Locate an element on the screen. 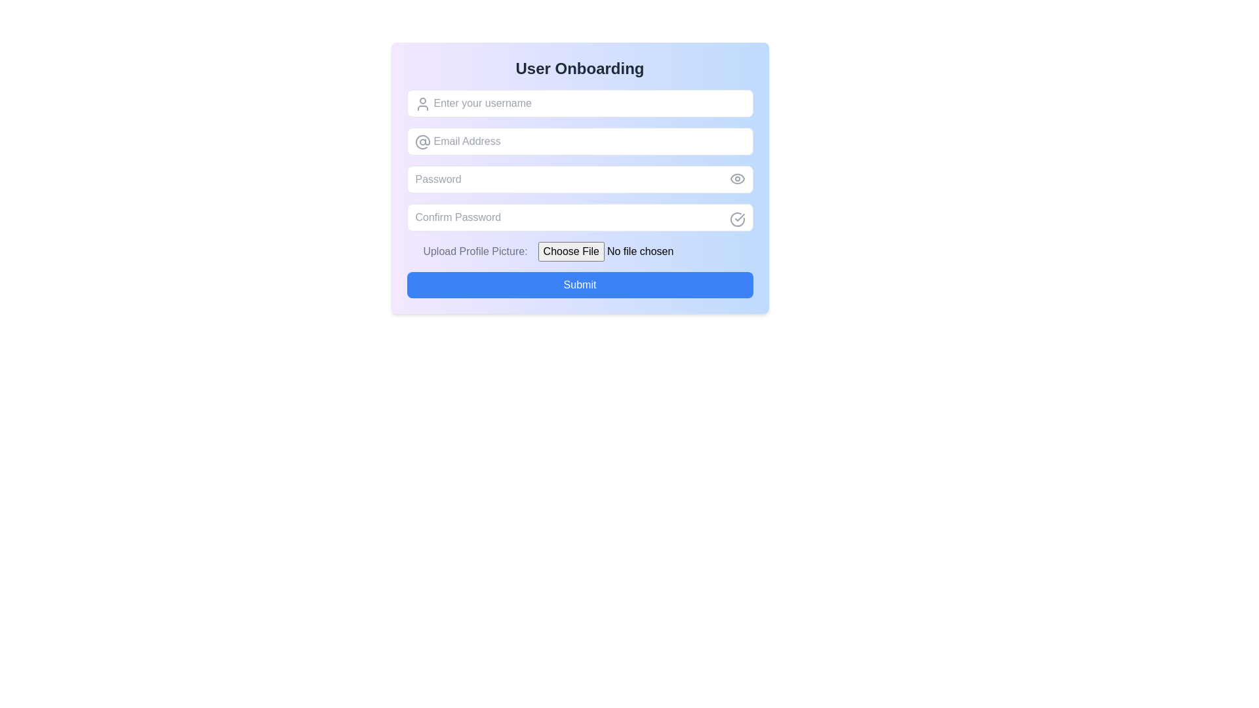 This screenshot has height=708, width=1259. the checkmark icon enclosed in a circle located at the far right of the 'Confirm Password' input field is located at coordinates (737, 219).